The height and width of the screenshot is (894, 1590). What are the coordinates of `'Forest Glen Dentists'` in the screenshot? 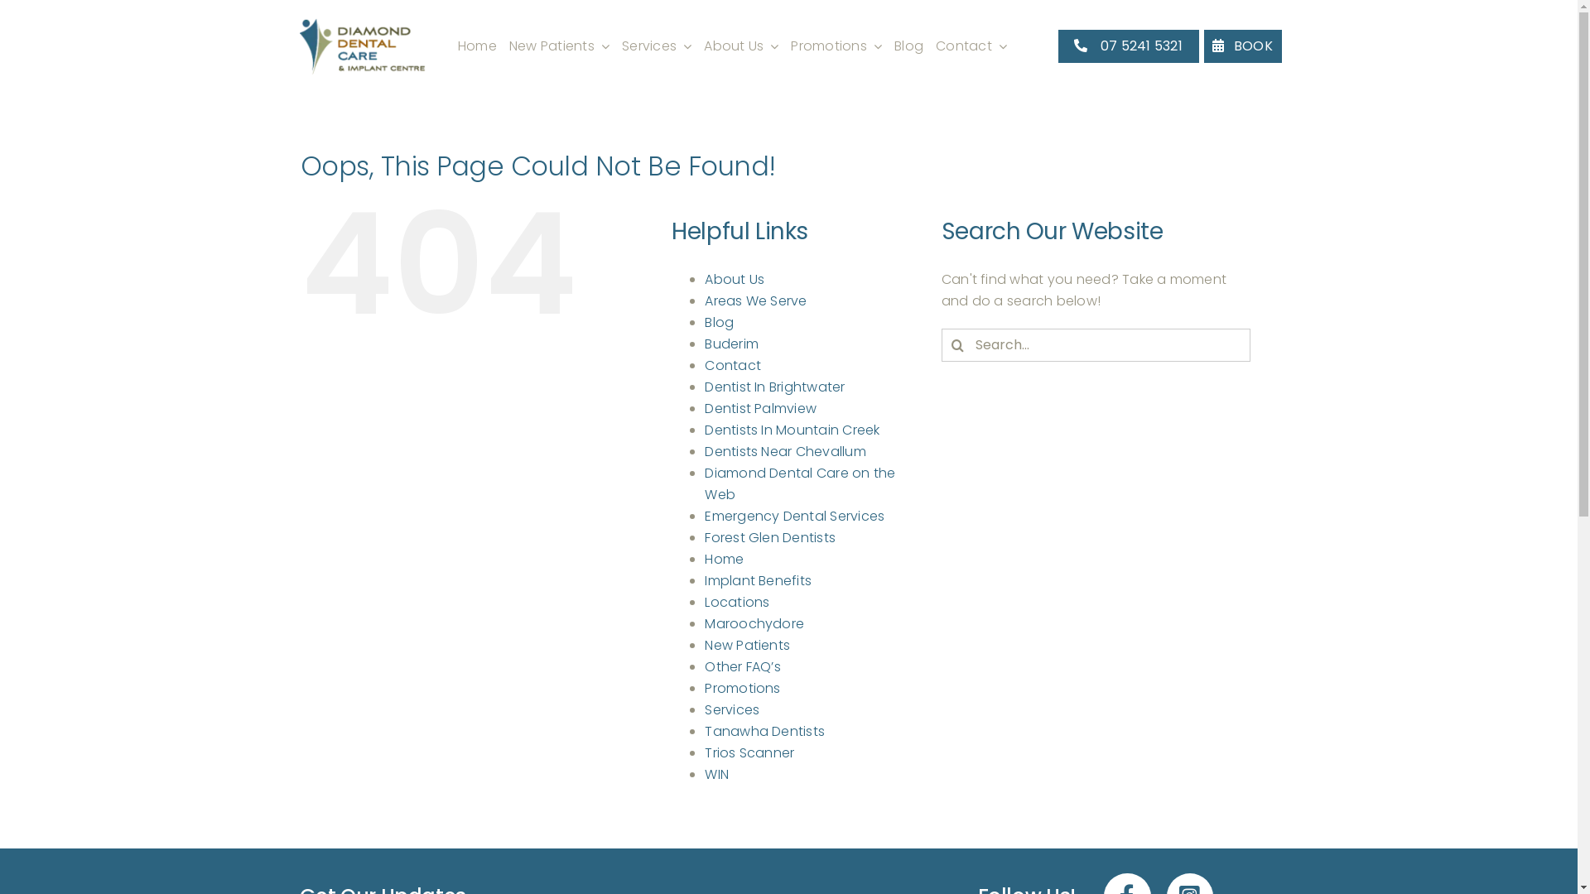 It's located at (769, 537).